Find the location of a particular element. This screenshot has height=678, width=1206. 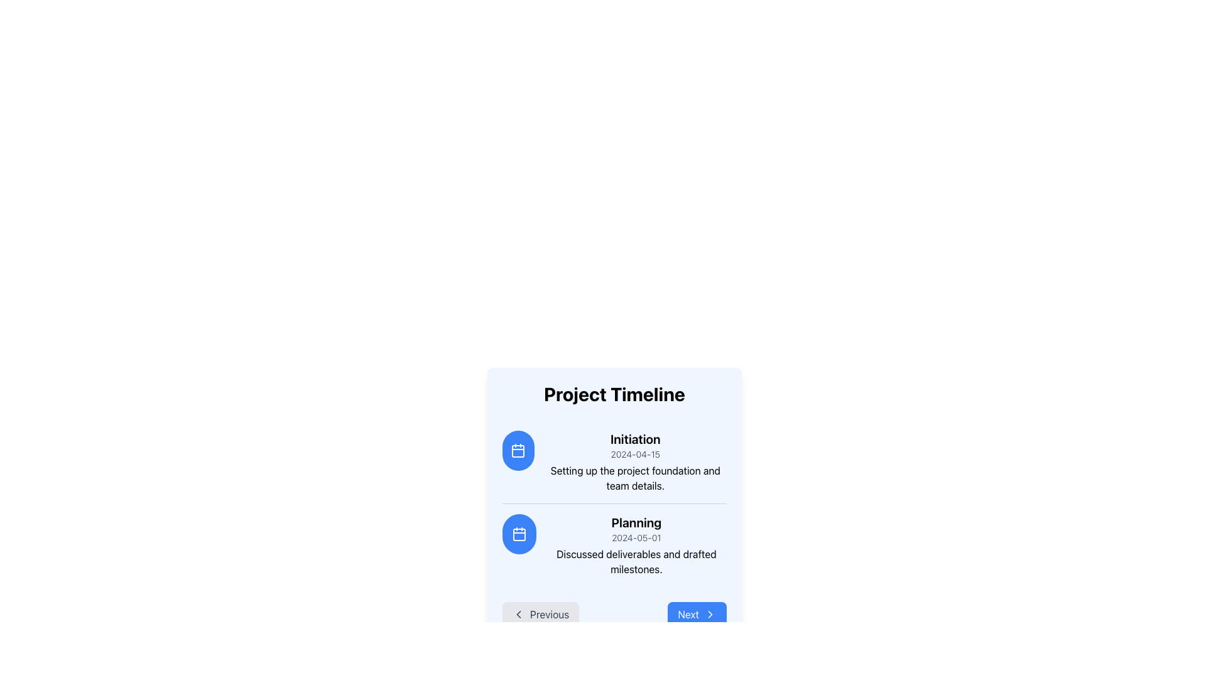

the navigation button located at the bottom-left of its section to observe hover effects is located at coordinates (541, 614).